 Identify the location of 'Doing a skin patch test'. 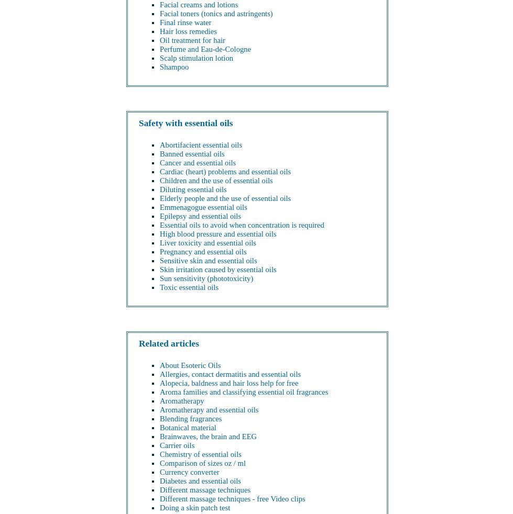
(195, 508).